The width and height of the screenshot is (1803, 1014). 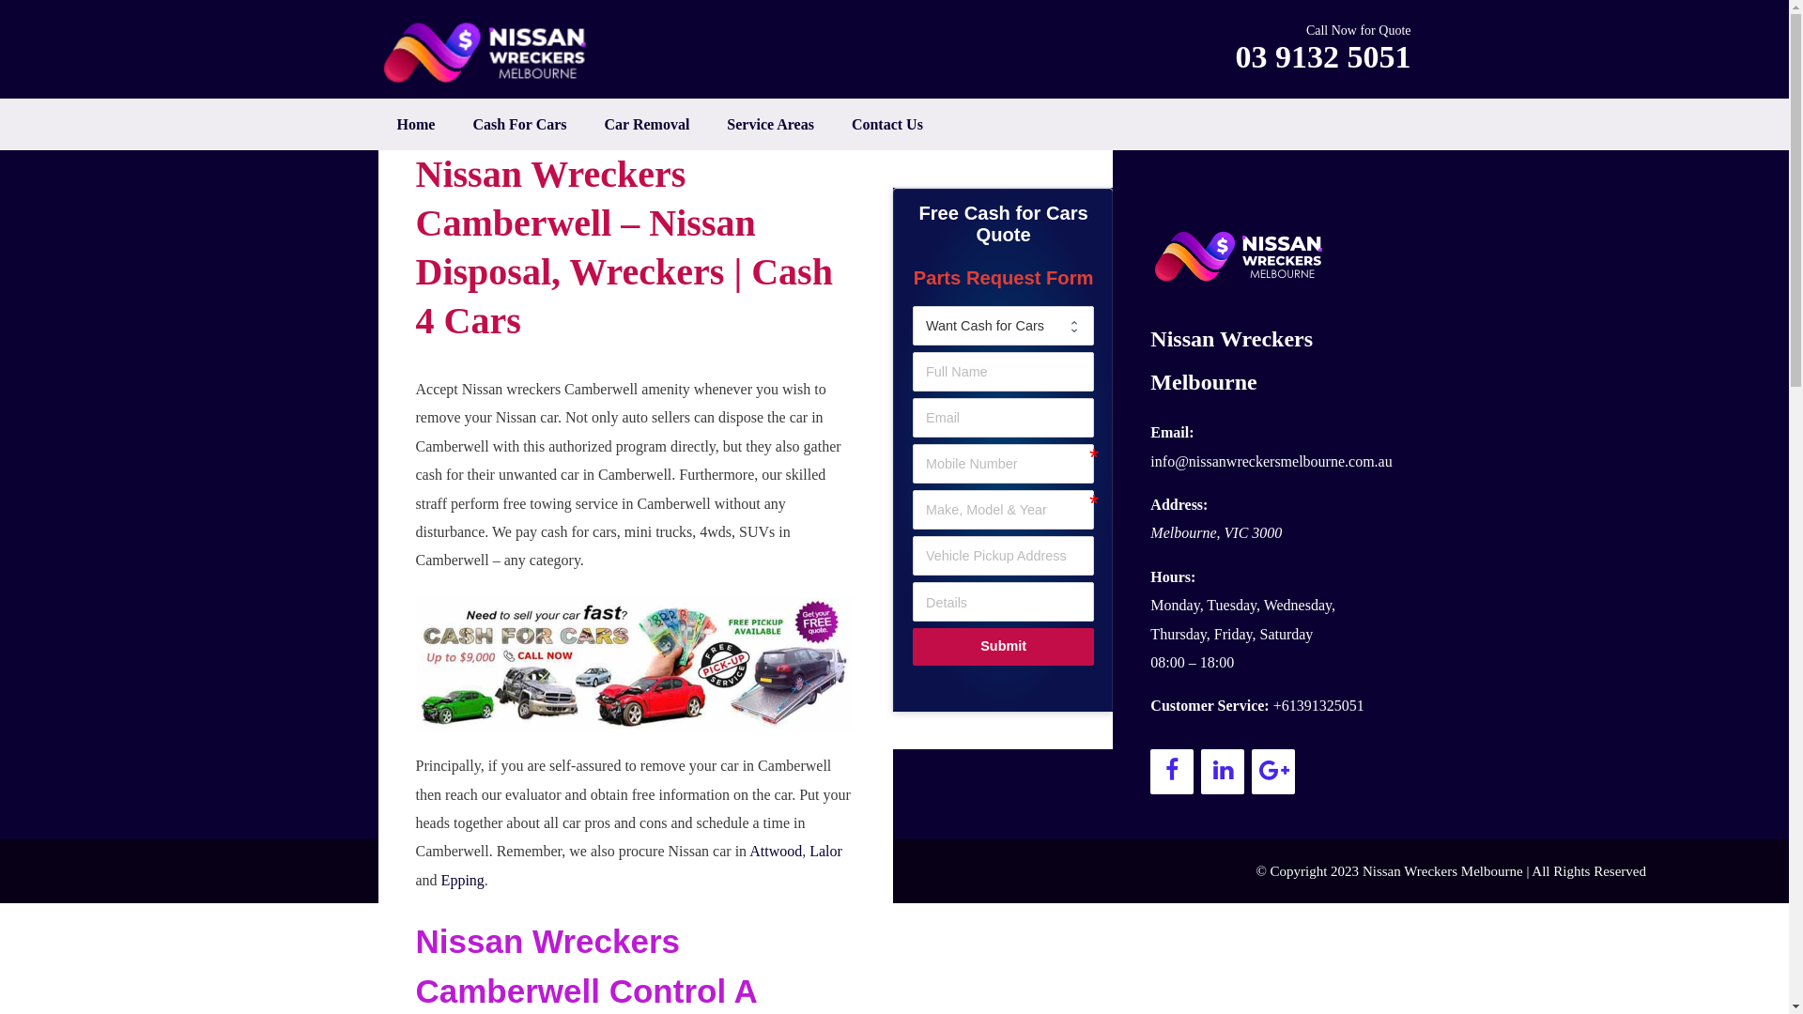 What do you see at coordinates (1235, 55) in the screenshot?
I see `'03 9132 5051'` at bounding box center [1235, 55].